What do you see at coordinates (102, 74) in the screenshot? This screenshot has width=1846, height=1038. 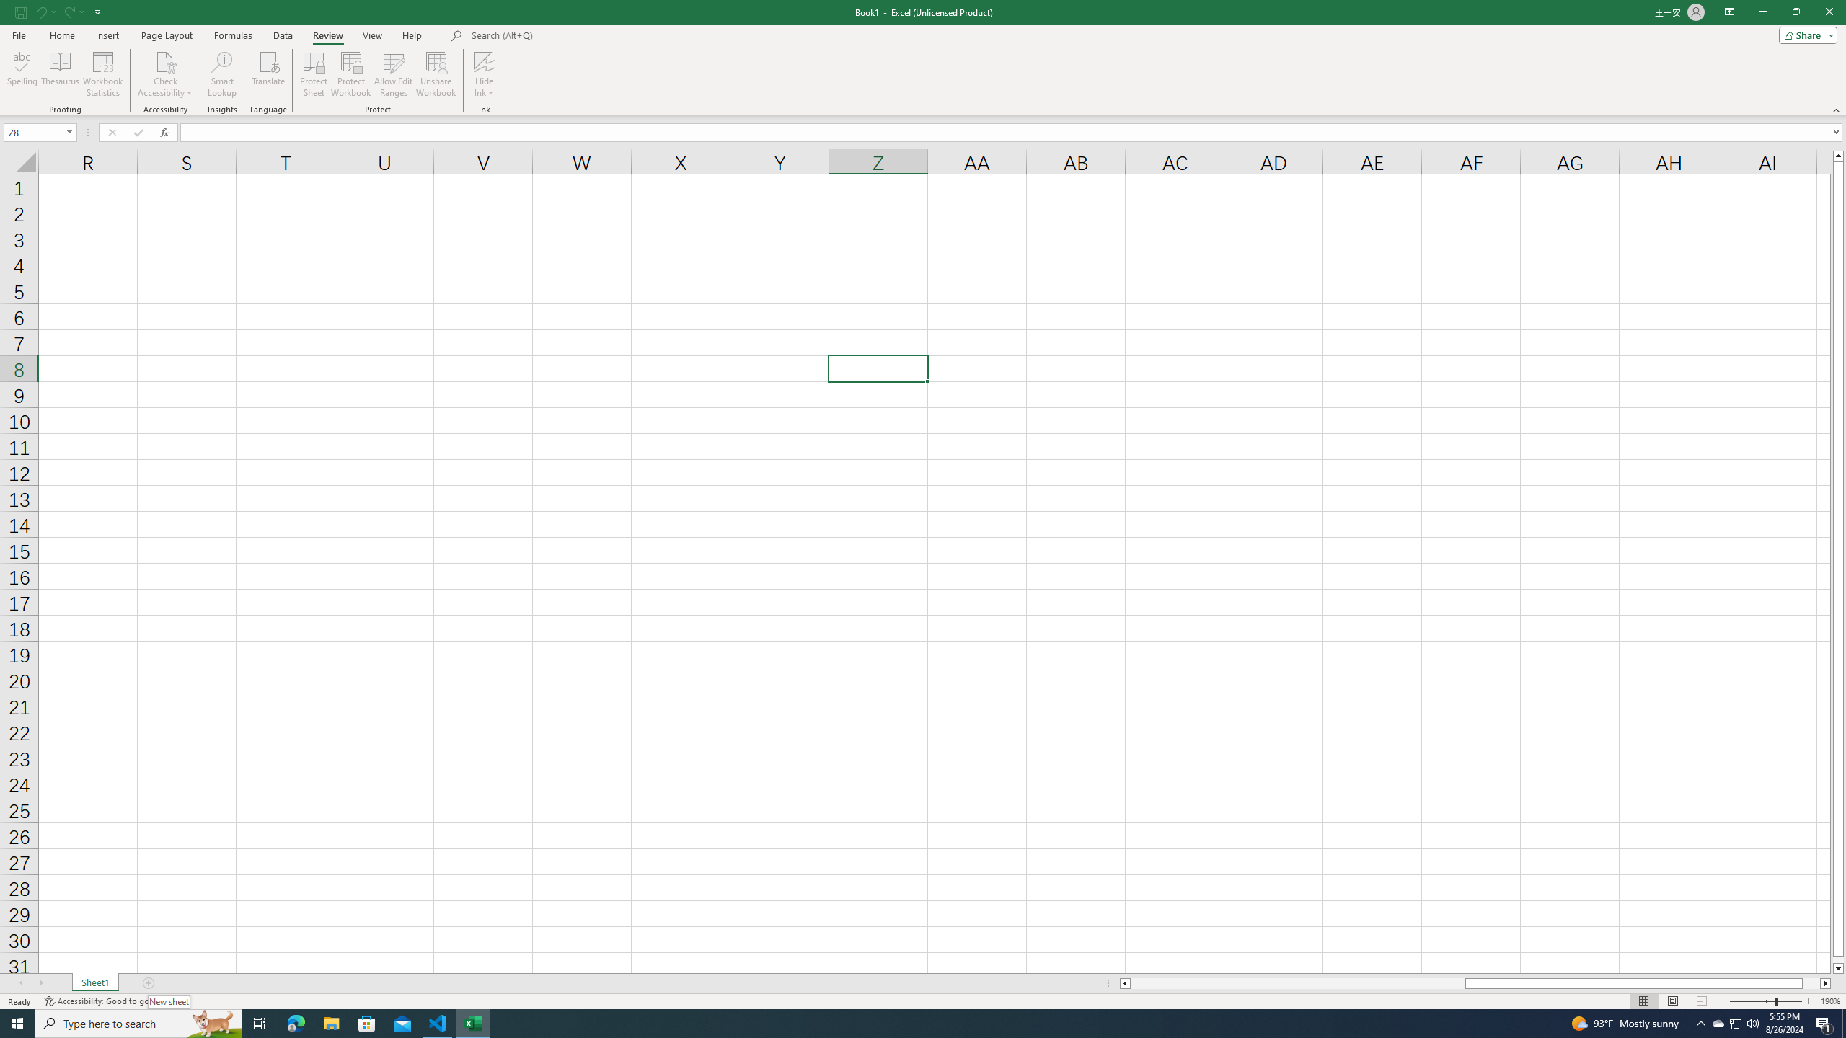 I see `'Workbook Statistics'` at bounding box center [102, 74].